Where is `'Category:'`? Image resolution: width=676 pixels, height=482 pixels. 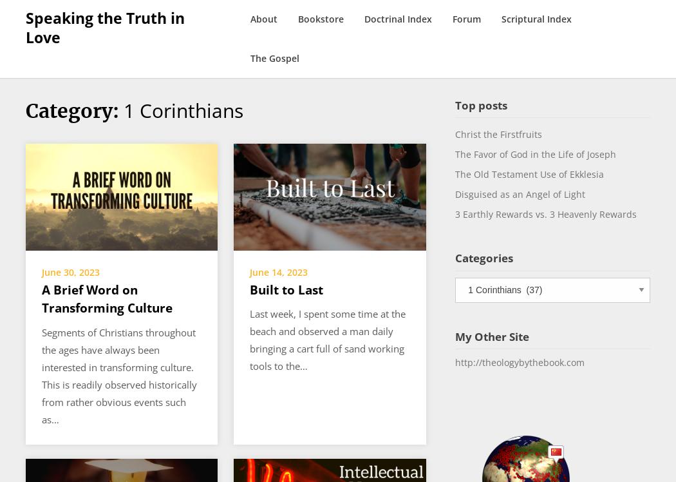
'Category:' is located at coordinates (74, 109).